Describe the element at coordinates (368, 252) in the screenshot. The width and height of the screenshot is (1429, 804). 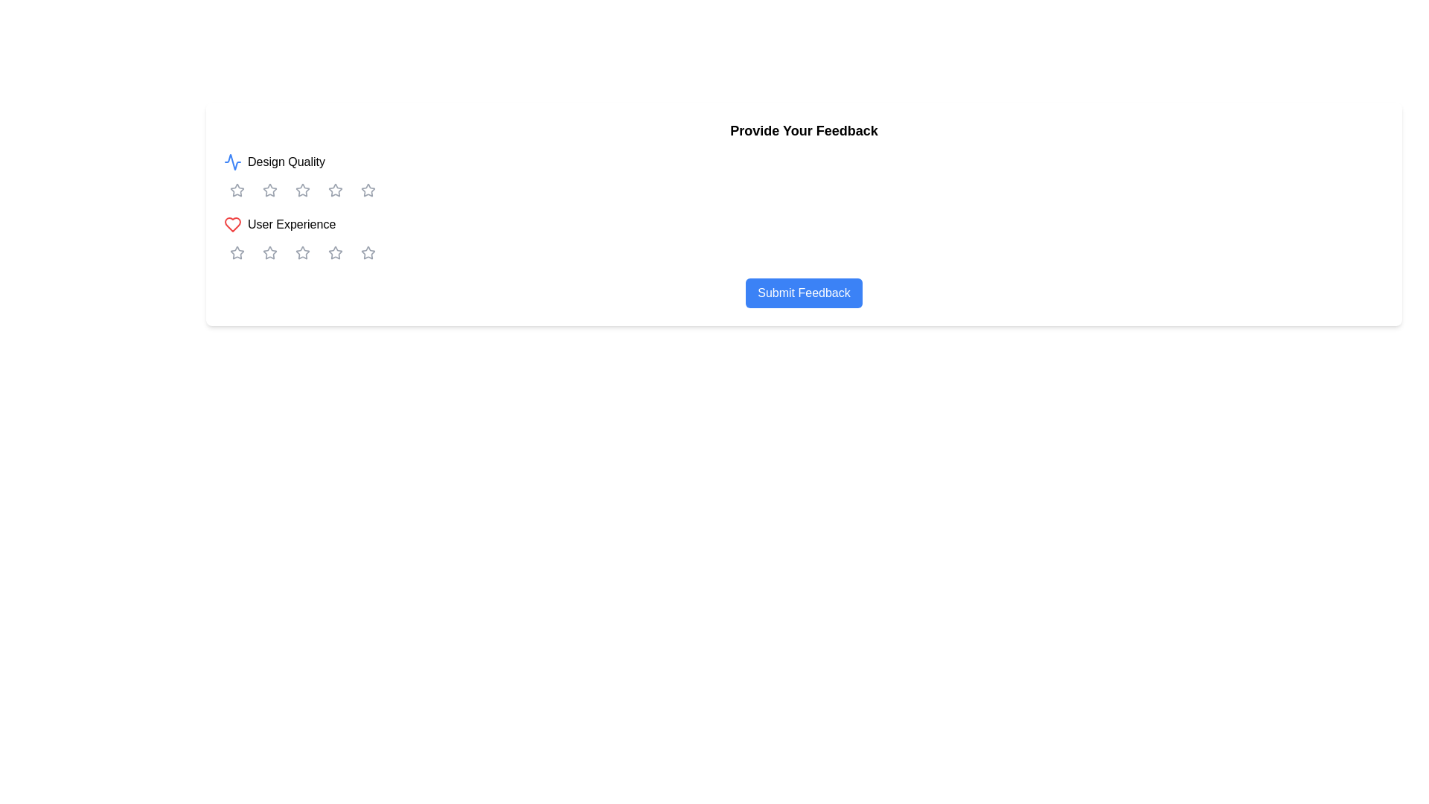
I see `the fifth star icon` at that location.